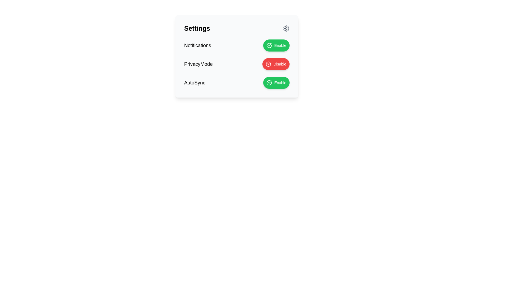 This screenshot has width=527, height=296. Describe the element at coordinates (276, 64) in the screenshot. I see `the second button in the vertical list of settings options that disables the PrivacyMode, located to the right of the 'PrivacyMode' label and below the 'Enable' button for 'Notifications'` at that location.